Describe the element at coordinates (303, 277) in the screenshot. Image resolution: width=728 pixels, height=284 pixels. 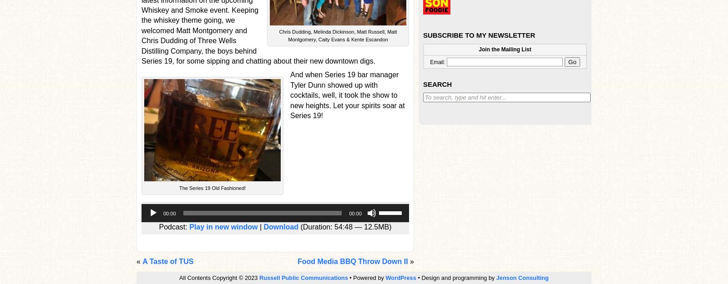
I see `'Russell Public Communications'` at that location.